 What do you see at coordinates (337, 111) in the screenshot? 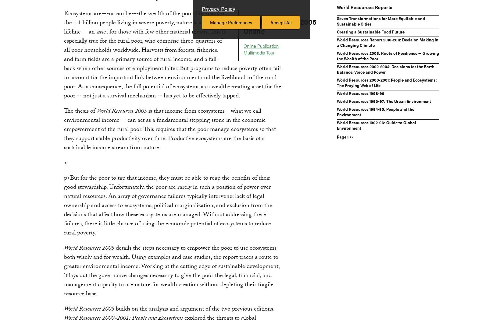
I see `'World Resources 1994-95: People and the Environment'` at bounding box center [337, 111].